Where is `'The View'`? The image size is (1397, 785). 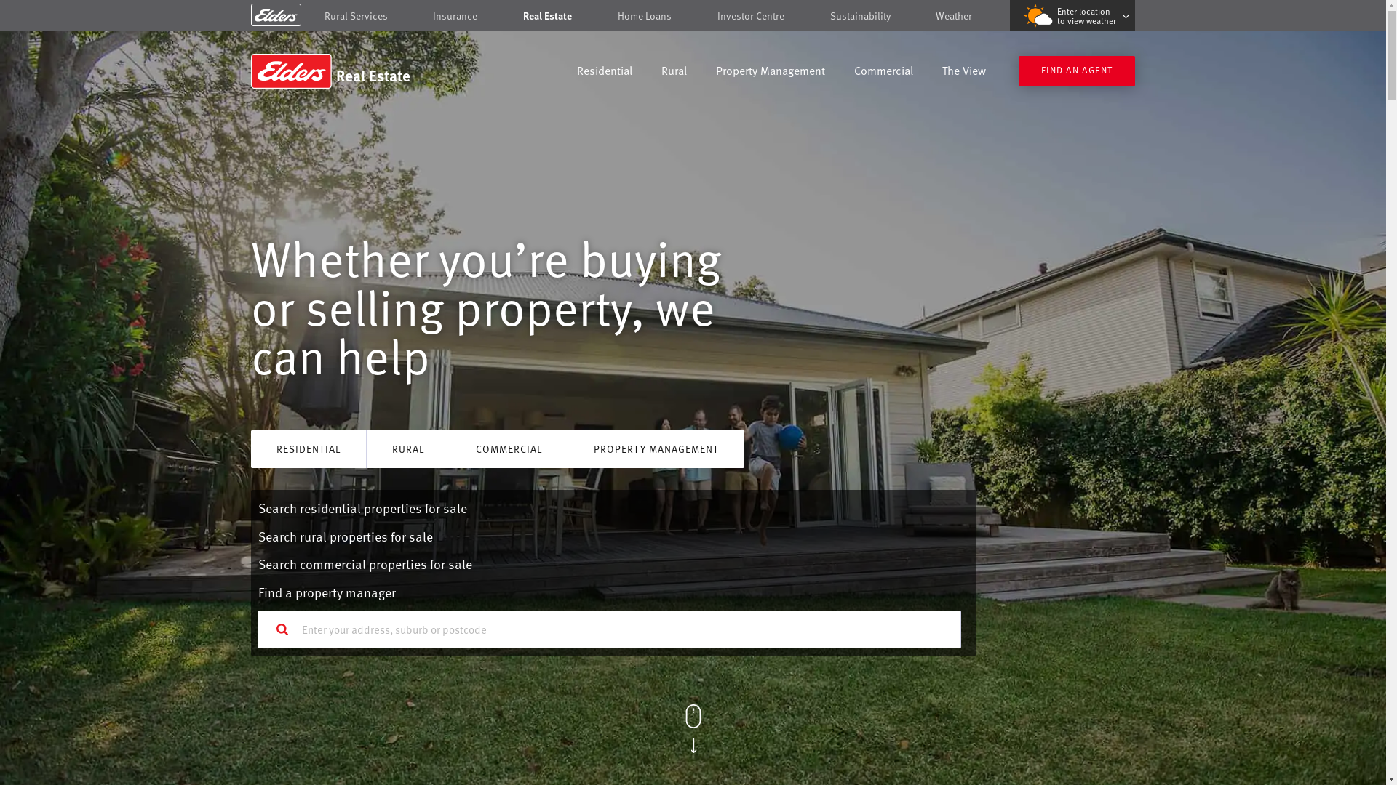 'The View' is located at coordinates (963, 72).